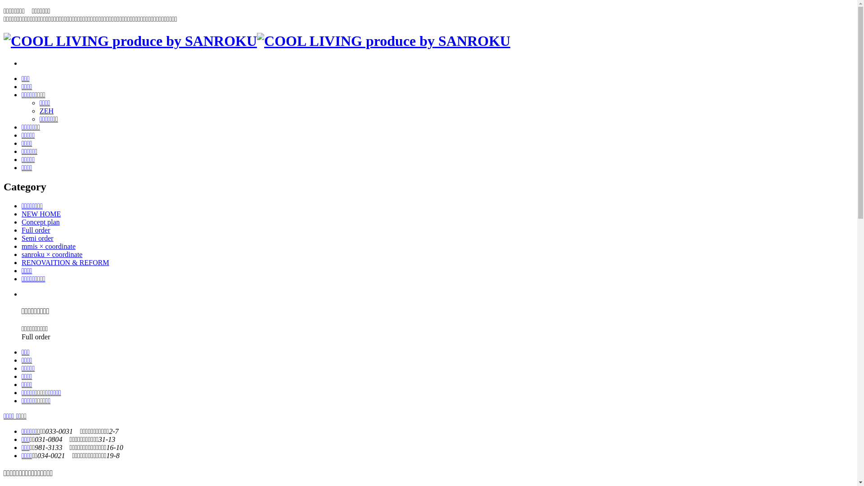  Describe the element at coordinates (39, 110) in the screenshot. I see `'ZEH'` at that location.